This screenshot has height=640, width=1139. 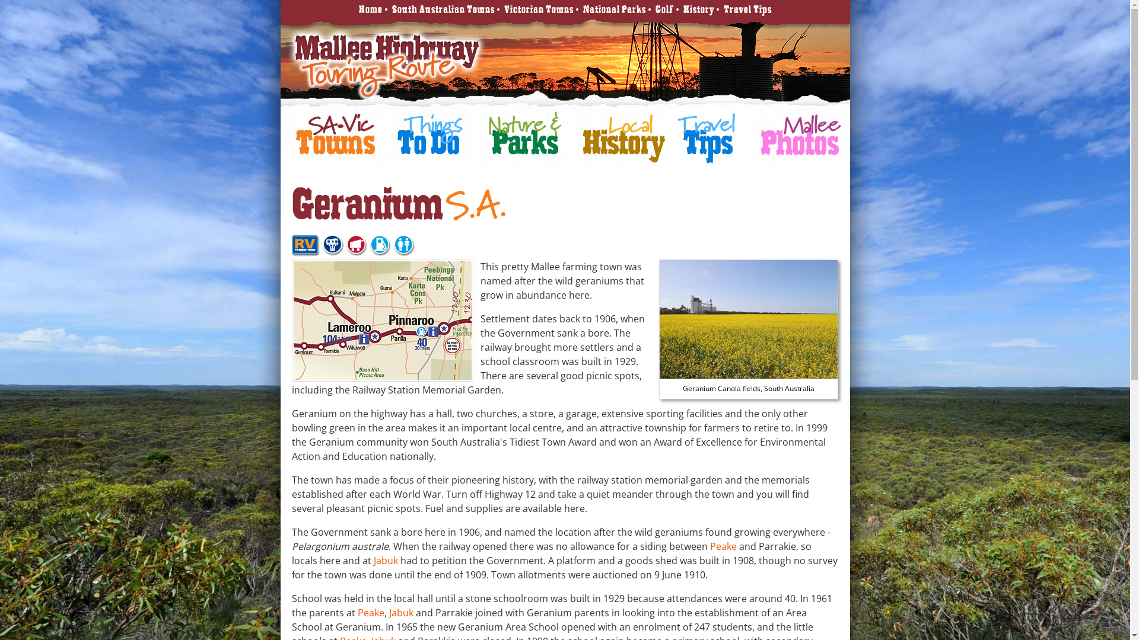 I want to click on 'Travel Tips', so click(x=723, y=9).